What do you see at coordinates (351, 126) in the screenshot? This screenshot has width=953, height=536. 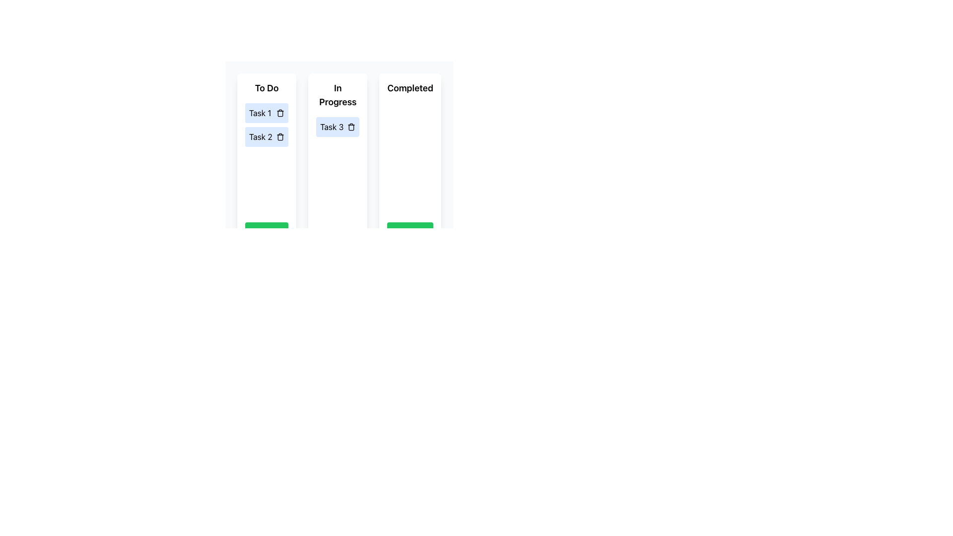 I see `the delete action icon located to the right of 'Task 3' in the 'In Progress' column` at bounding box center [351, 126].